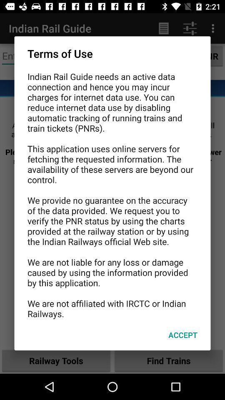 Image resolution: width=225 pixels, height=400 pixels. Describe the element at coordinates (182, 335) in the screenshot. I see `icon at the bottom right corner` at that location.